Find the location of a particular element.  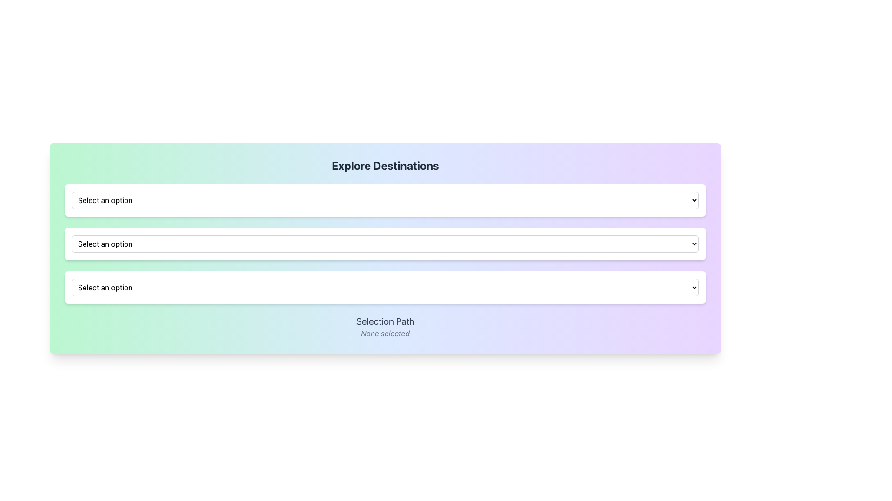

an option from the first dropdown menu located under the 'Explore Destinations' heading, which displays 'Select an option' and has a downward arrow icon is located at coordinates (385, 200).